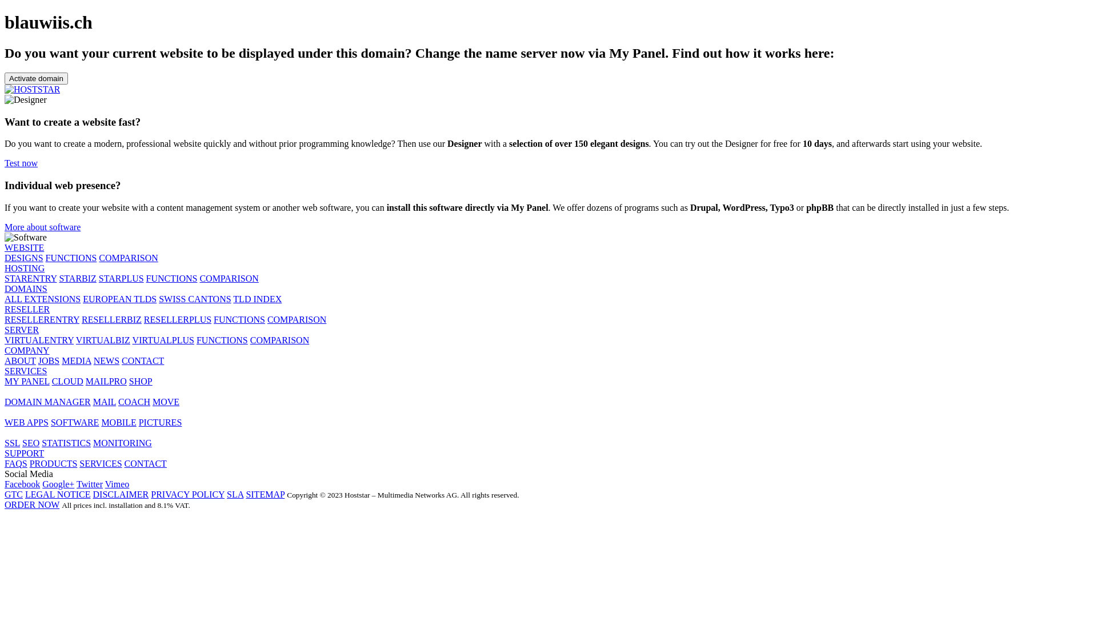  I want to click on 'COACH', so click(134, 401).